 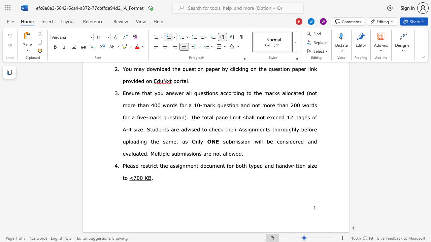 What do you see at coordinates (252, 165) in the screenshot?
I see `the 1th character "y" in the text` at bounding box center [252, 165].